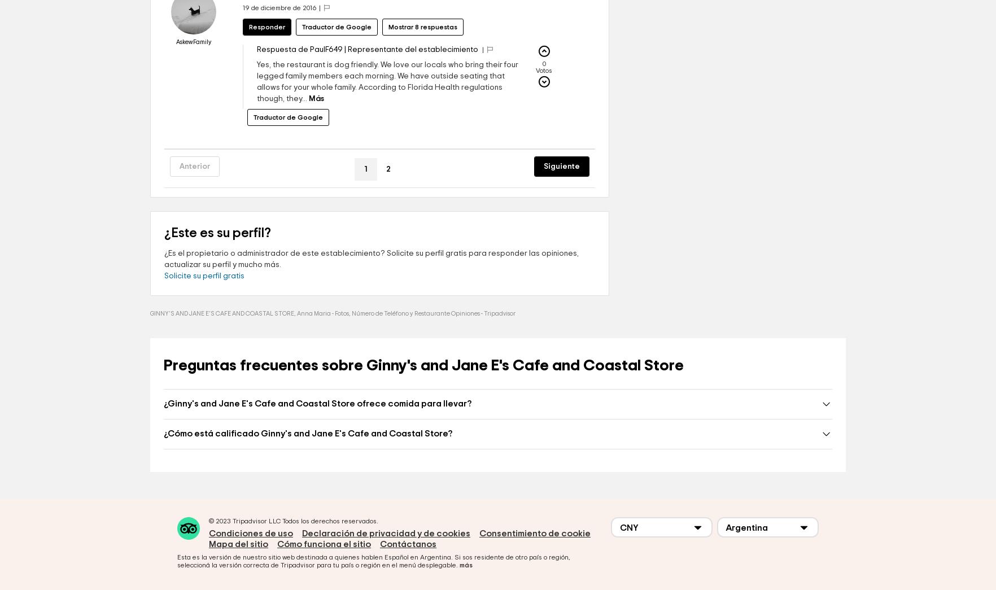 The height and width of the screenshot is (590, 996). I want to click on '| Representante del establecimiento', so click(411, 82).